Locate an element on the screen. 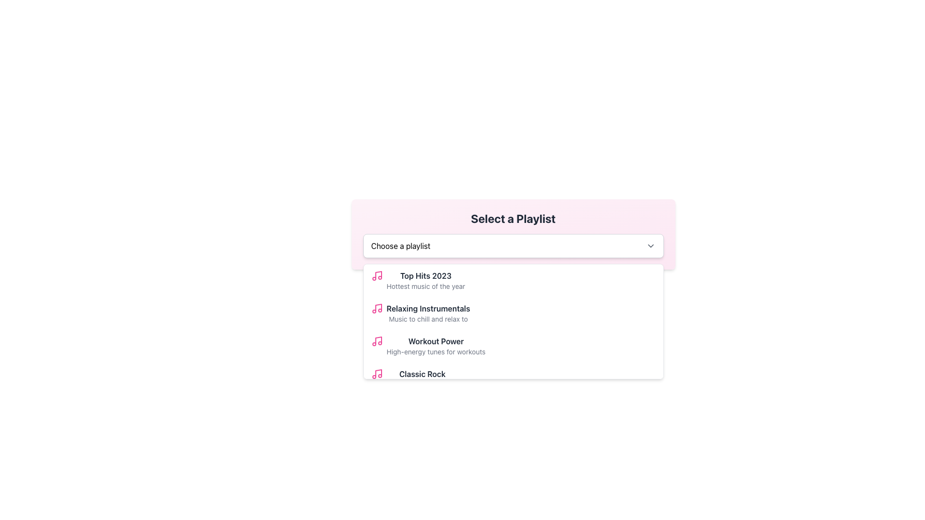 The height and width of the screenshot is (520, 925). the icon that visually identifies the 'Classic Rock' playlist, located to the left of the text in the bottom-most entry of the selectable playlist list is located at coordinates (376, 373).